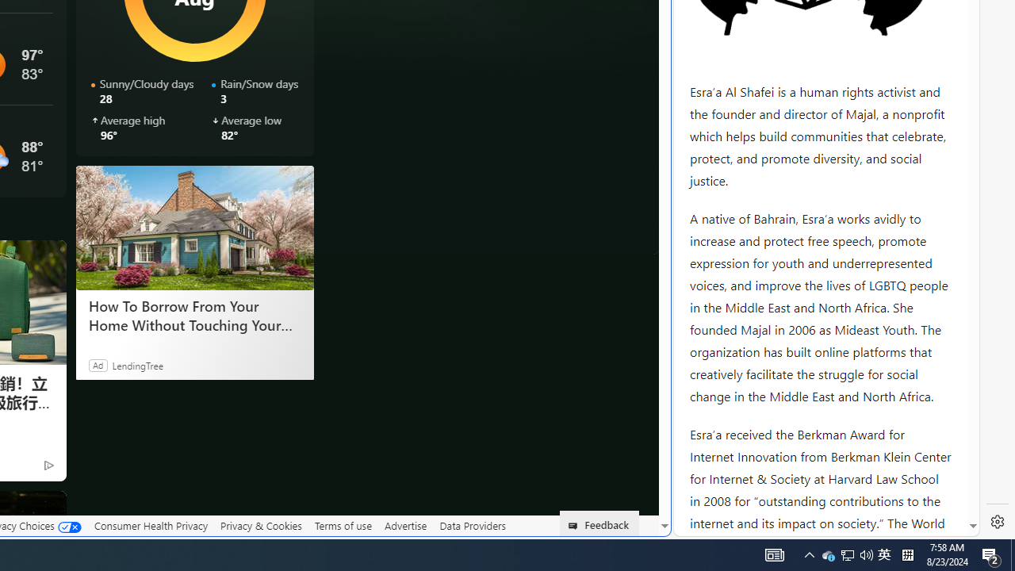  What do you see at coordinates (261, 526) in the screenshot?
I see `'Privacy & Cookies'` at bounding box center [261, 526].